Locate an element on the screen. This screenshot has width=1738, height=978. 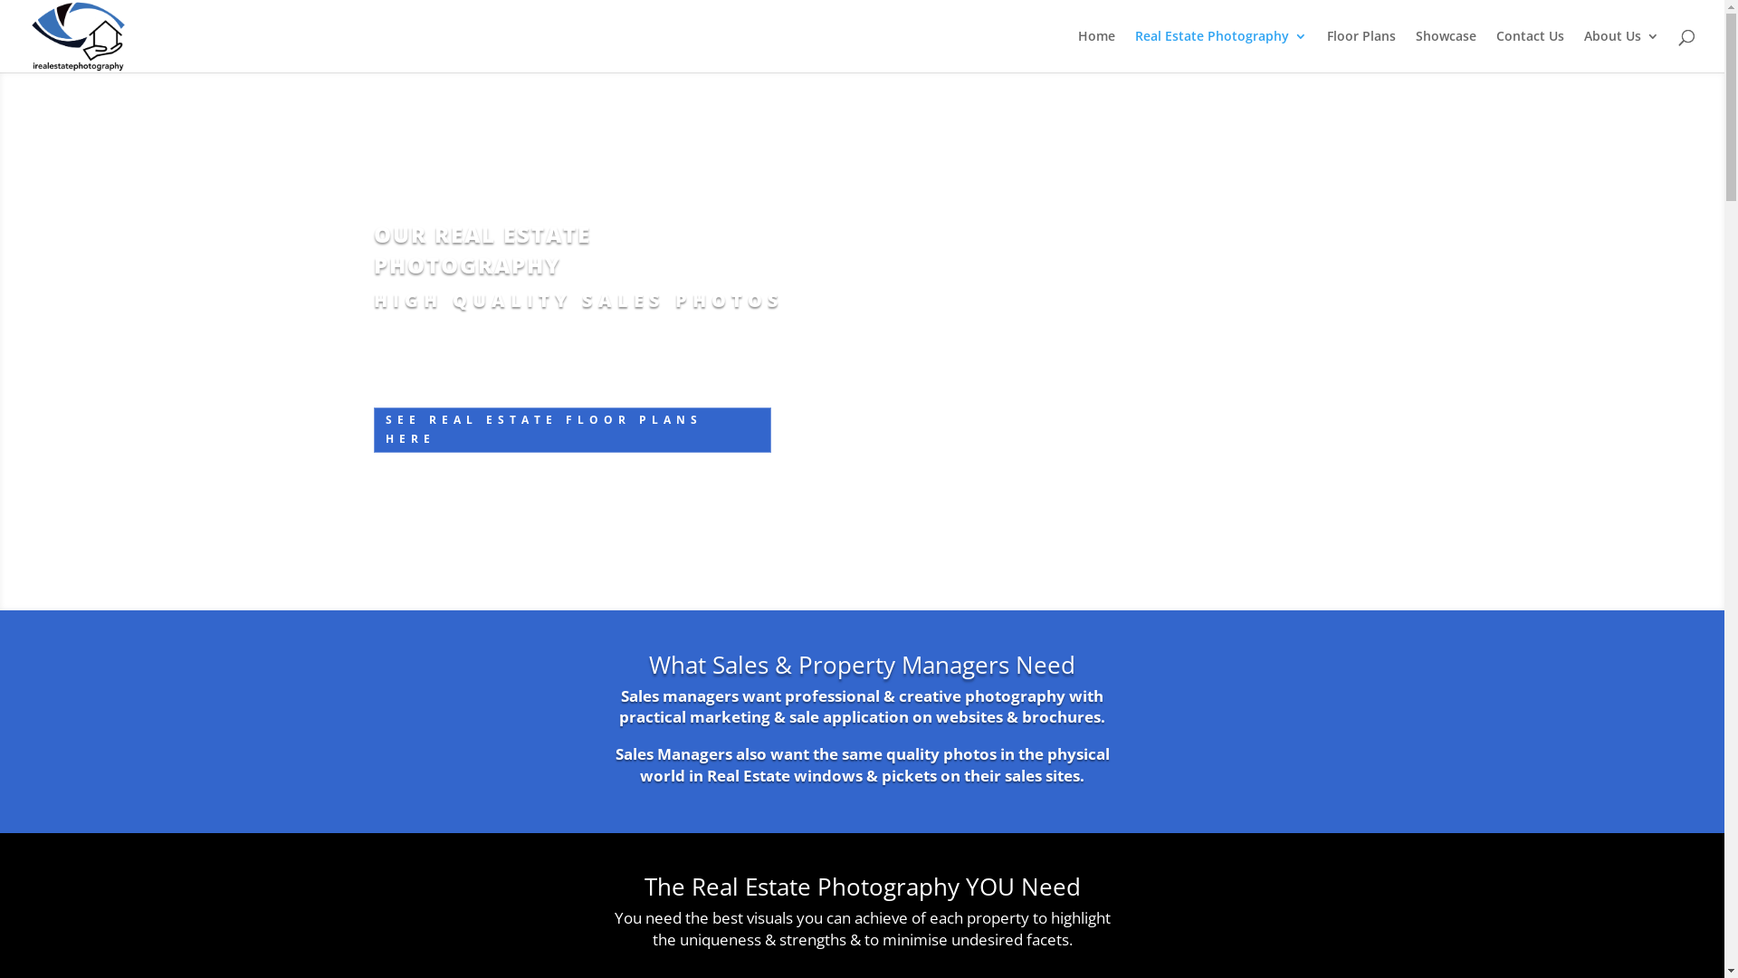
'Home' is located at coordinates (1095, 50).